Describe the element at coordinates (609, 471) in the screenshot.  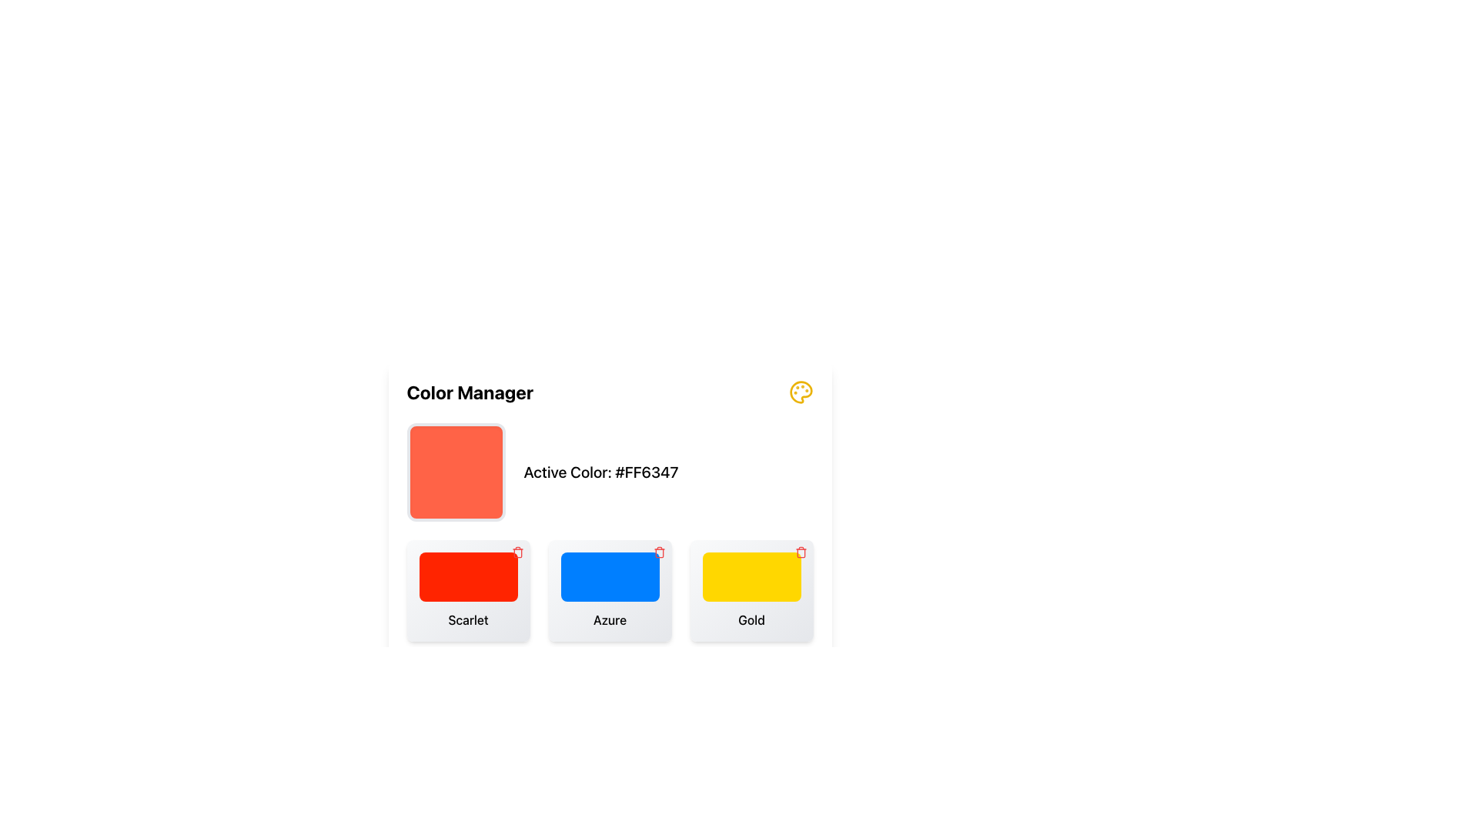
I see `the Information display panel in the Color Manager section, which shows the currently active color and its hexadecimal code` at that location.